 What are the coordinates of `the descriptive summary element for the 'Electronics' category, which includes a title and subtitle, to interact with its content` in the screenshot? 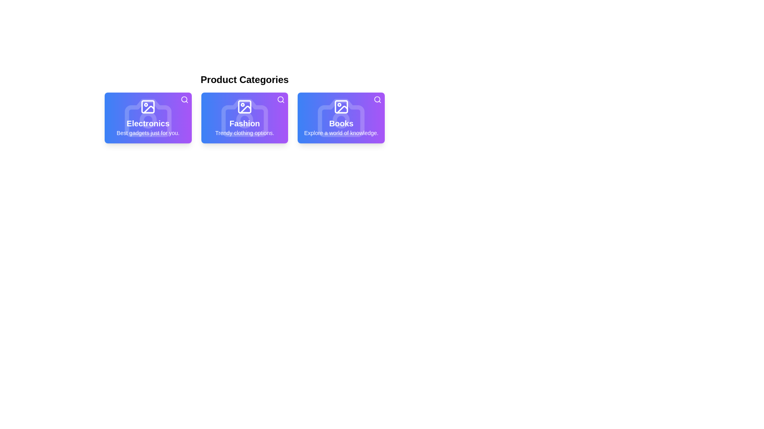 It's located at (148, 118).